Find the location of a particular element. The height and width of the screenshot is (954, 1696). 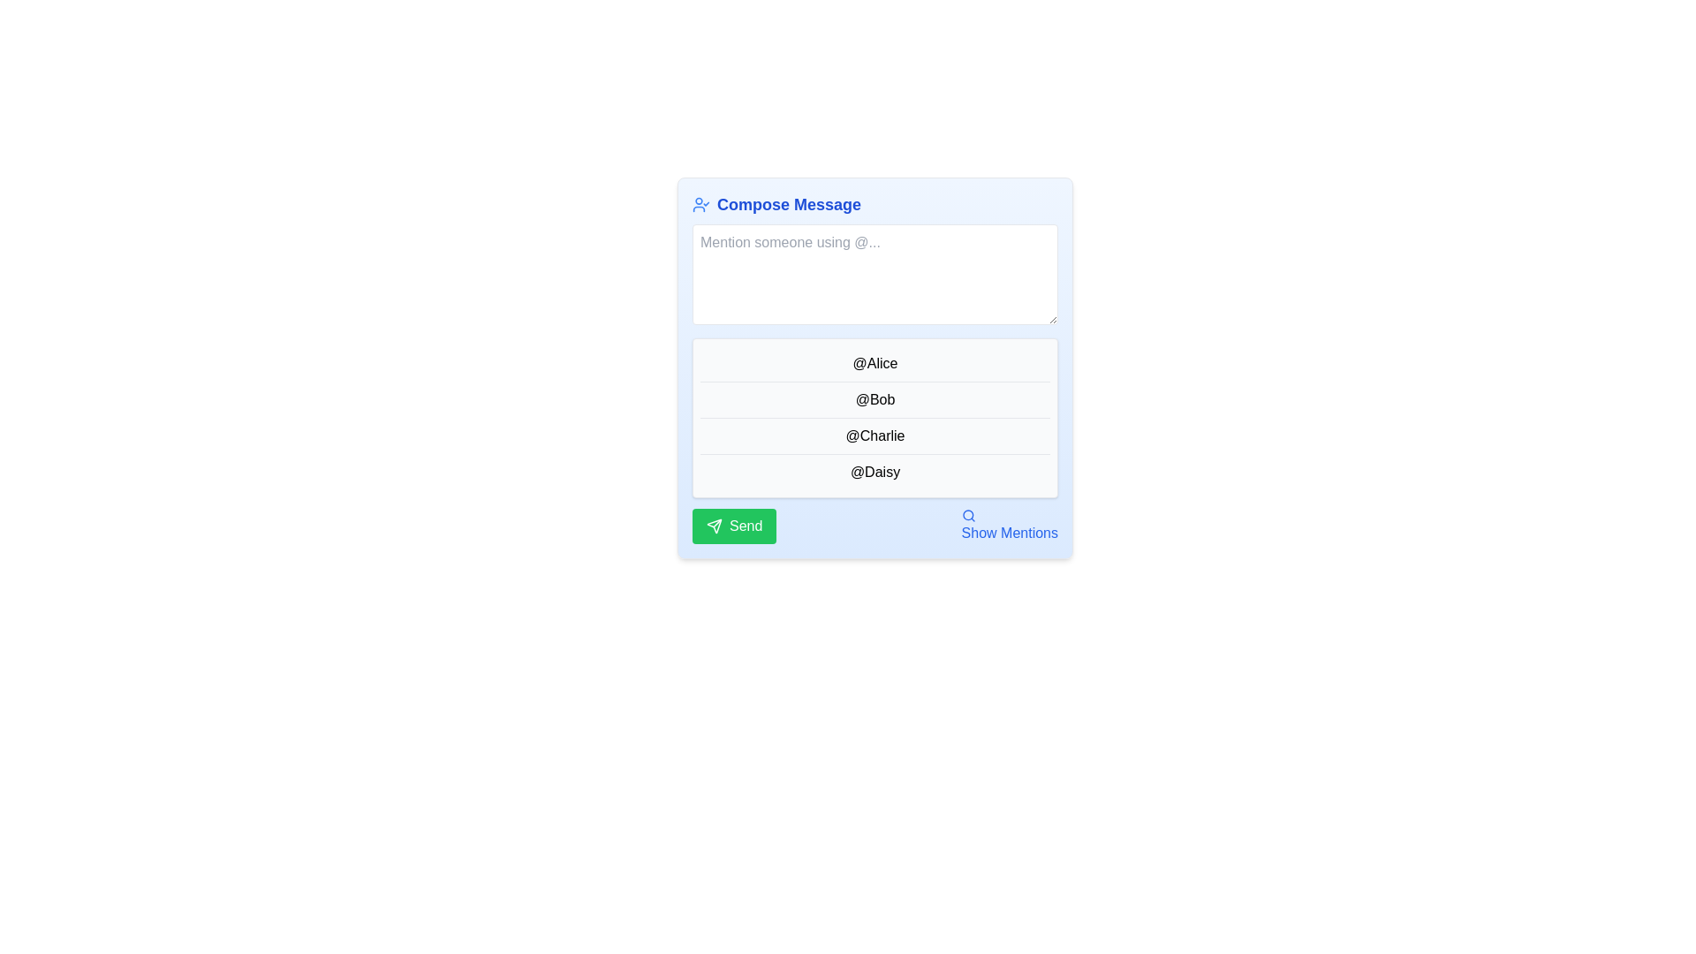

the 'Compose Message' text label, which is styled in bold and large blue font and located next to a blue user interaction icon in the header of the message composition interface is located at coordinates (788, 203).